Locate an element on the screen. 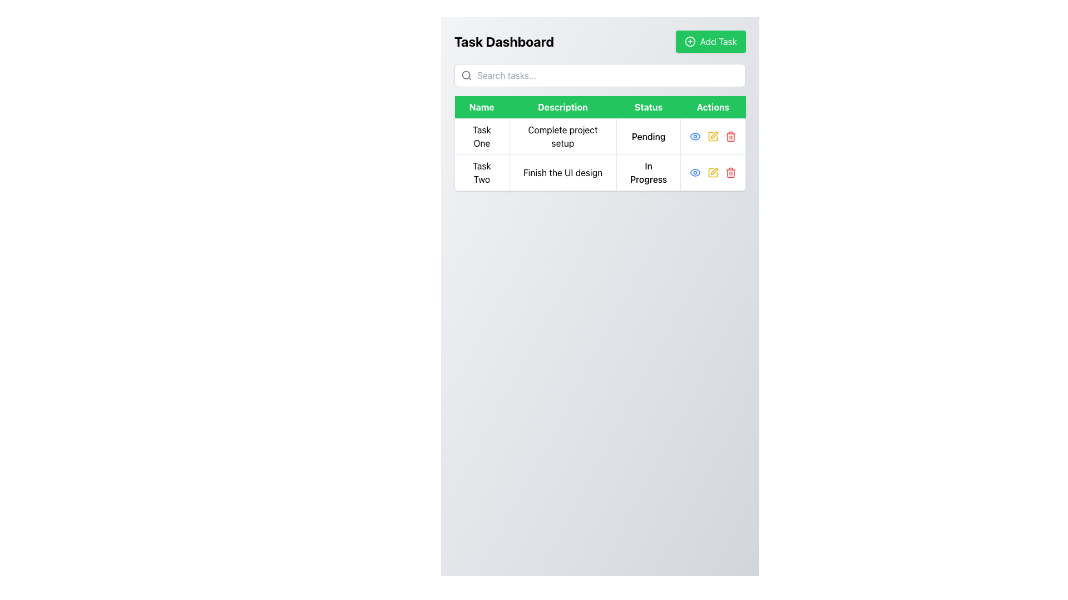 This screenshot has height=600, width=1068. text from the 'Task Dashboard' label, which is a large, bold header displayed in black on a light background is located at coordinates (503, 41).